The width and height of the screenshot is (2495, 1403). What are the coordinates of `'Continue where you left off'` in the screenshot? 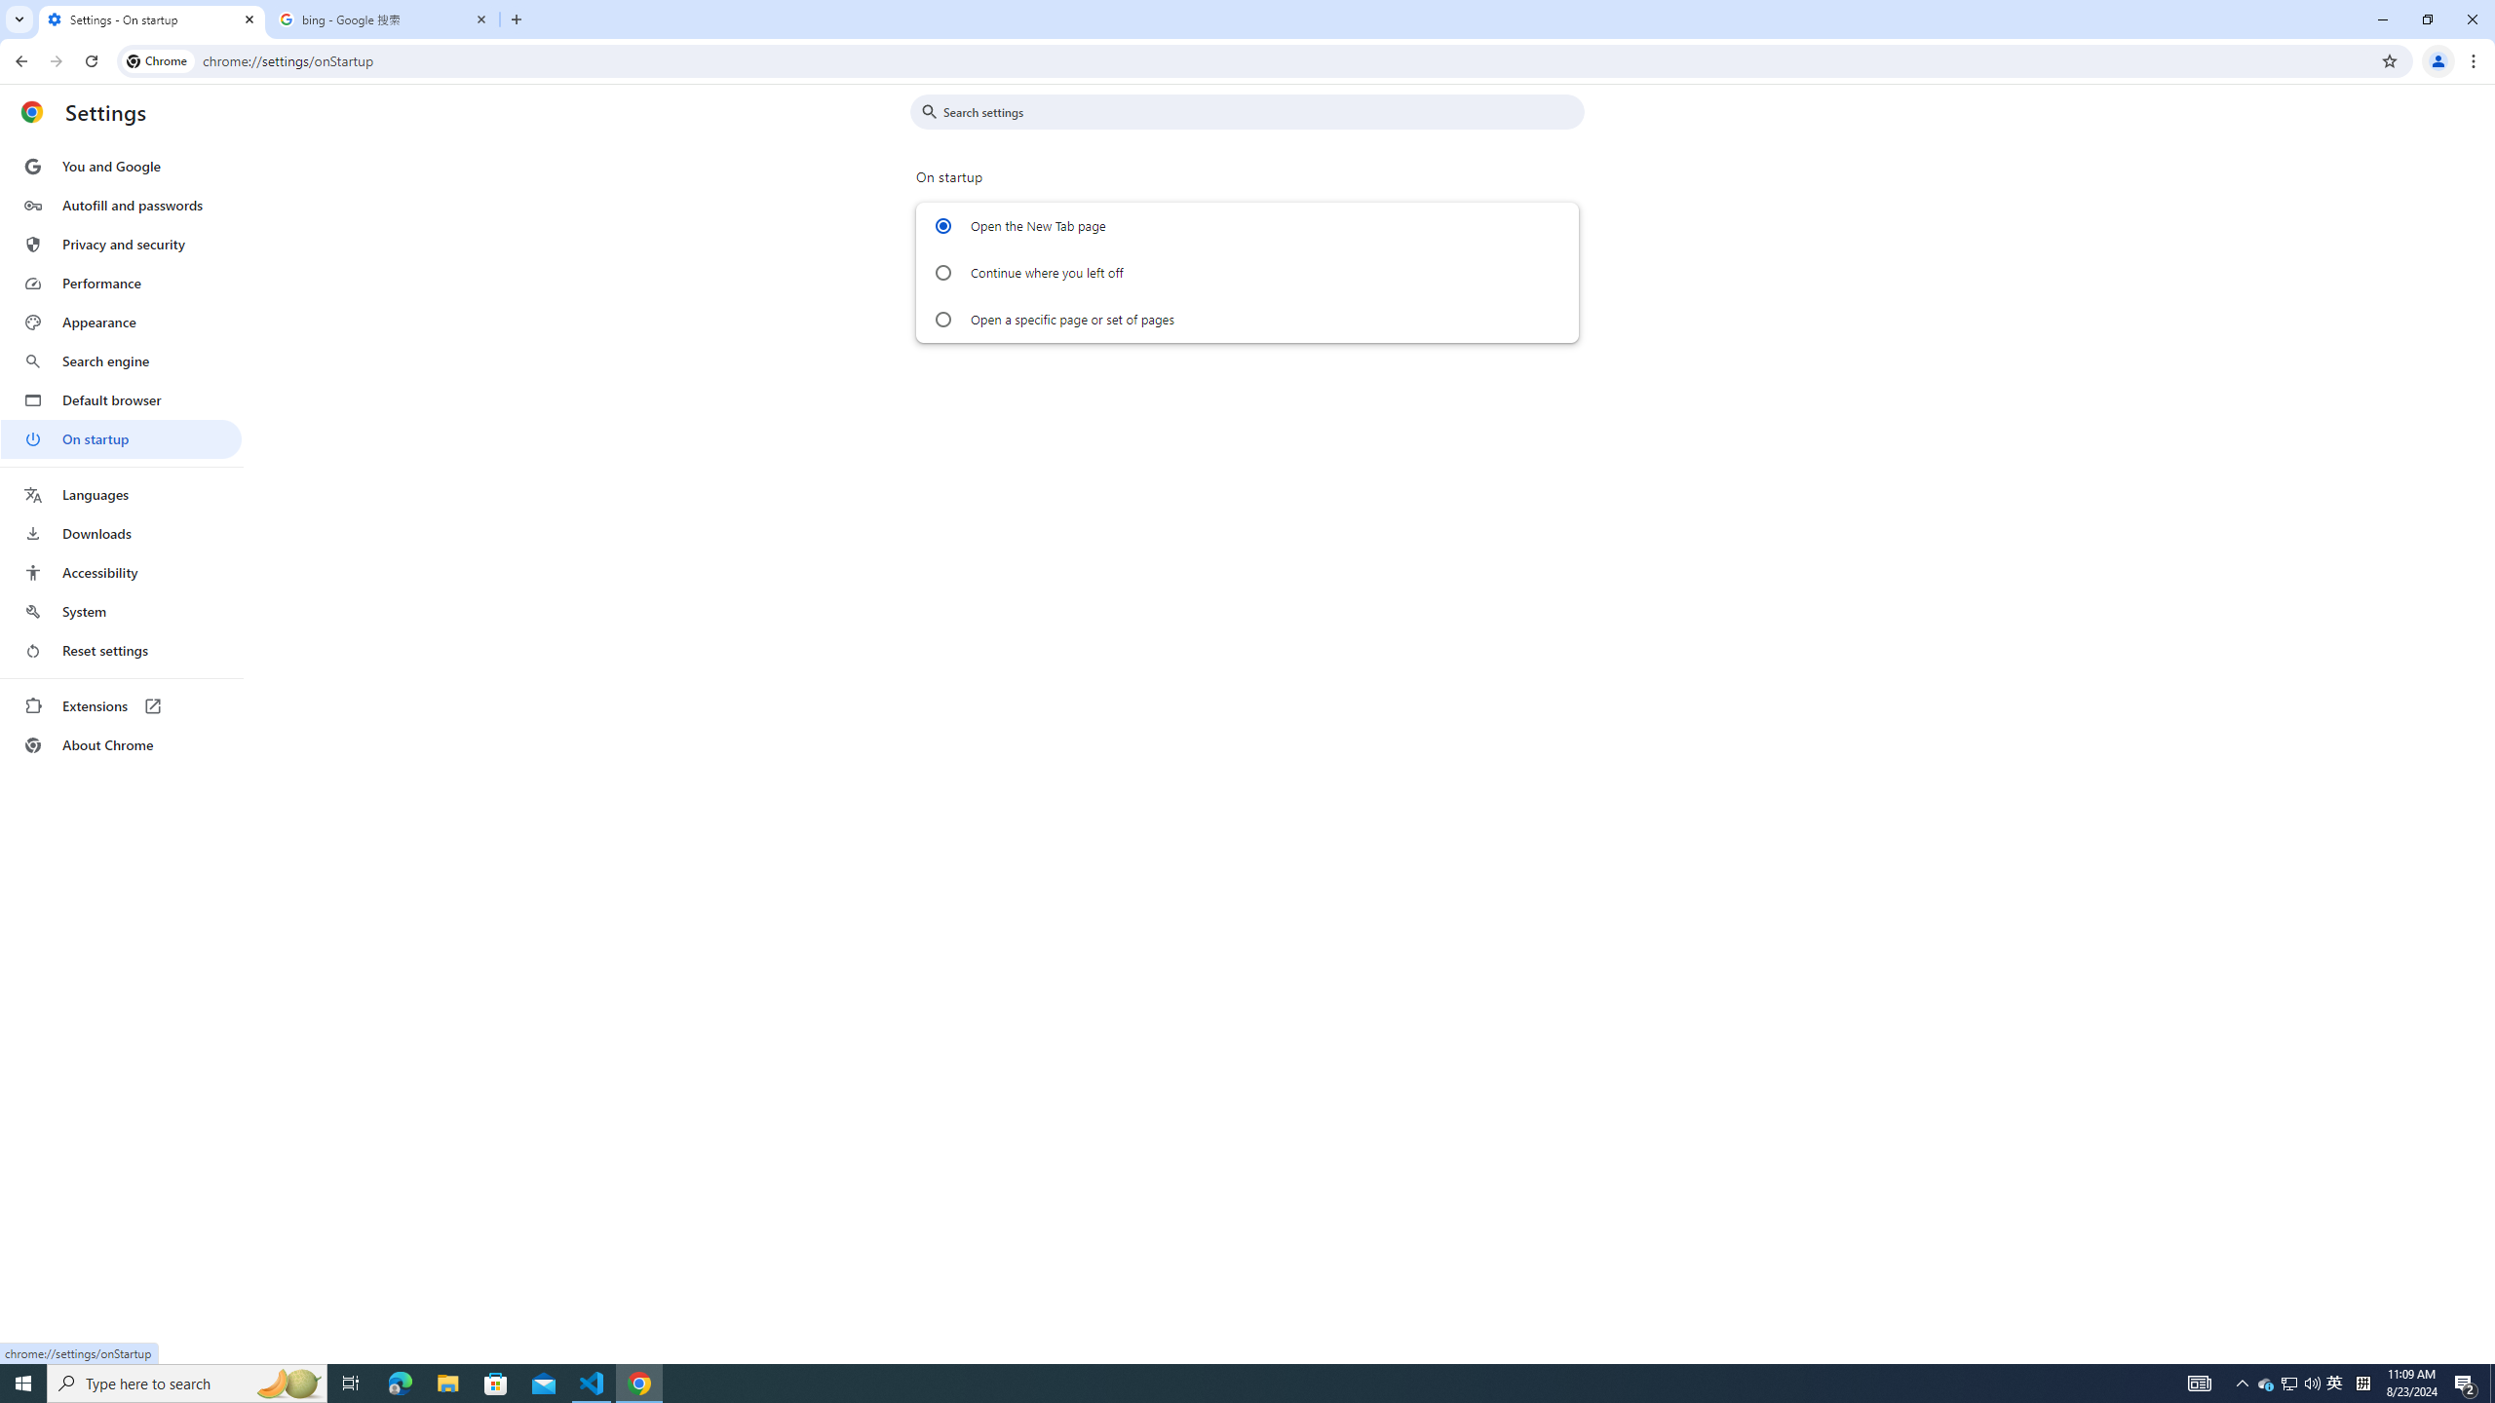 It's located at (941, 272).